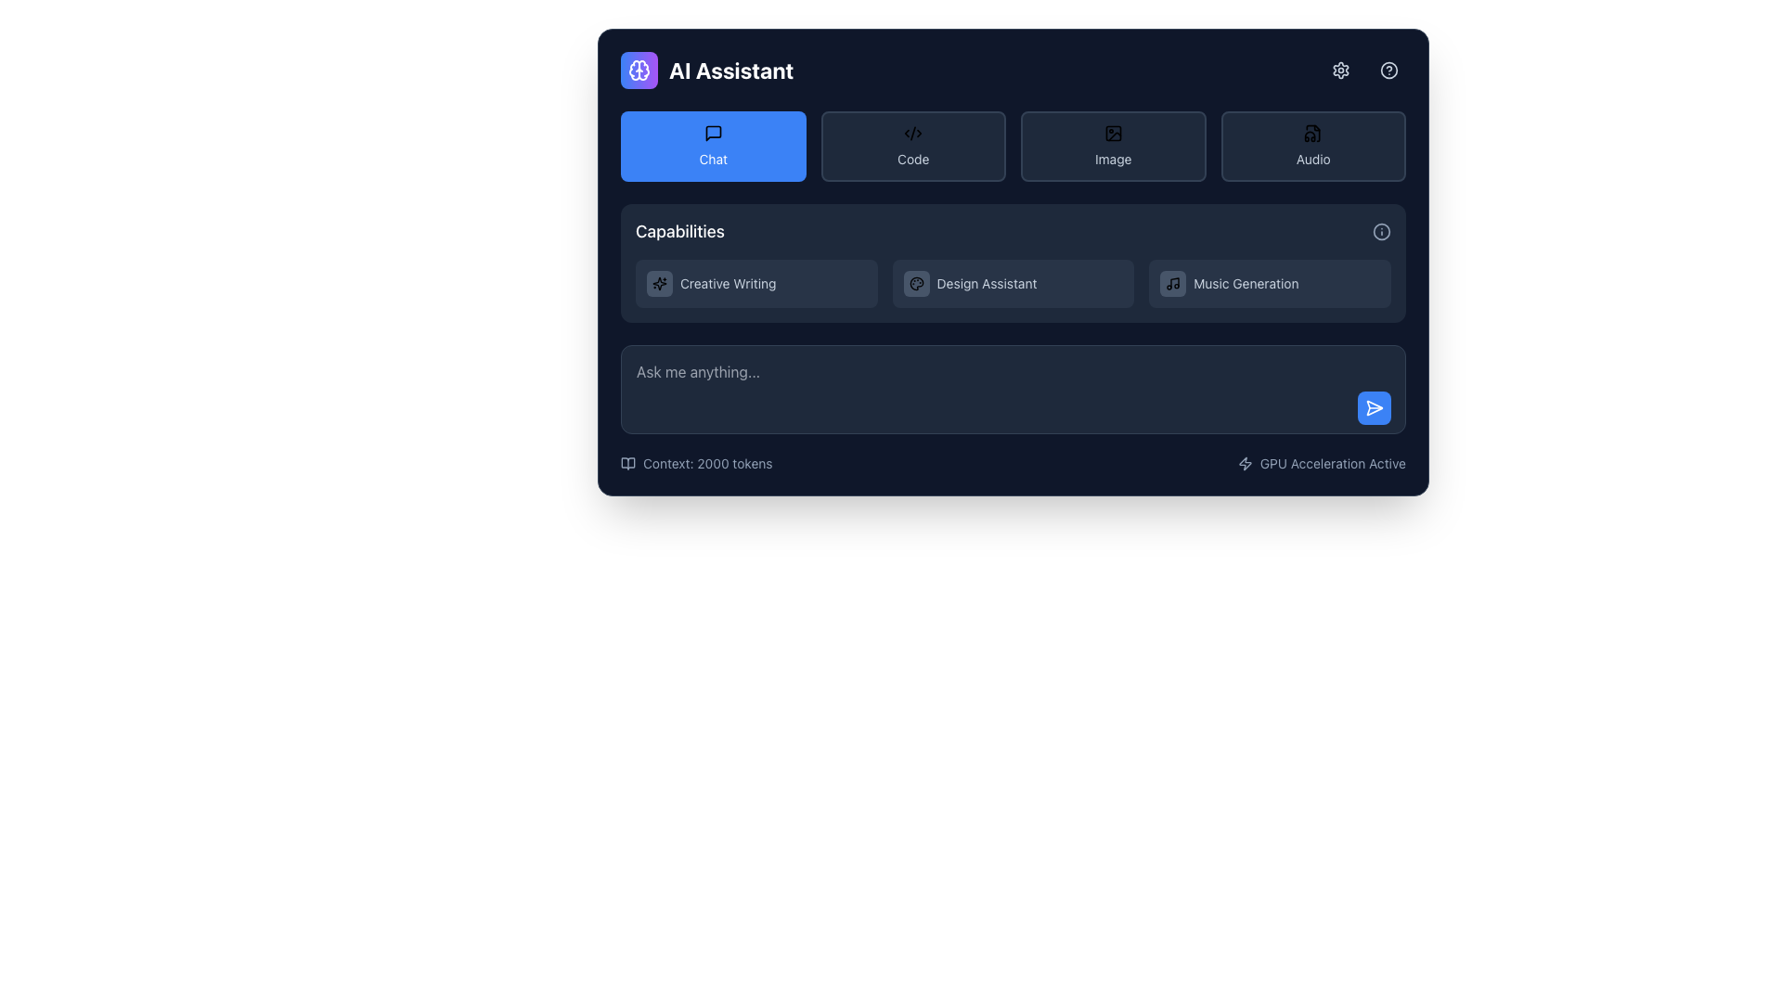 Image resolution: width=1782 pixels, height=1002 pixels. Describe the element at coordinates (756, 283) in the screenshot. I see `the first selectable menu item in the 'Capabilities' section` at that location.